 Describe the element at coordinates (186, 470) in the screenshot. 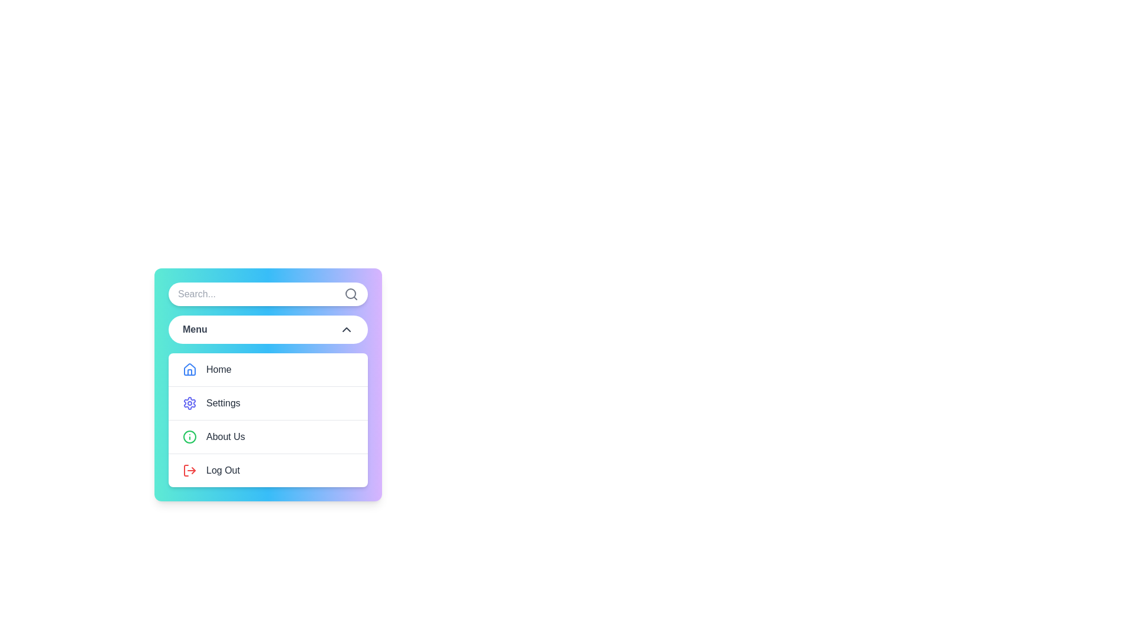

I see `the log-out icon associated with the 'Log Out' menu item located at the bottom of the menu, which visually complements the 'Log Out' label` at that location.